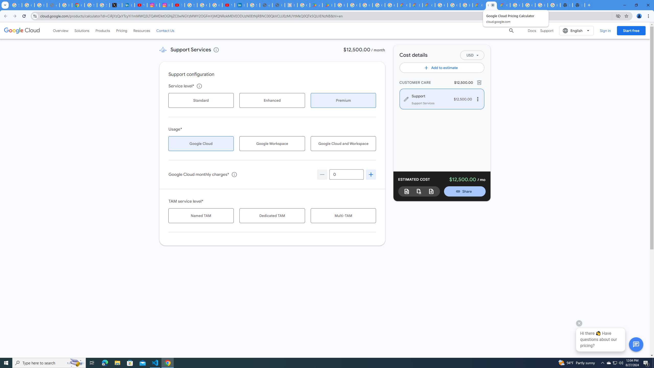 This screenshot has height=368, width=654. I want to click on 'Download estimate as .csv', so click(419, 191).